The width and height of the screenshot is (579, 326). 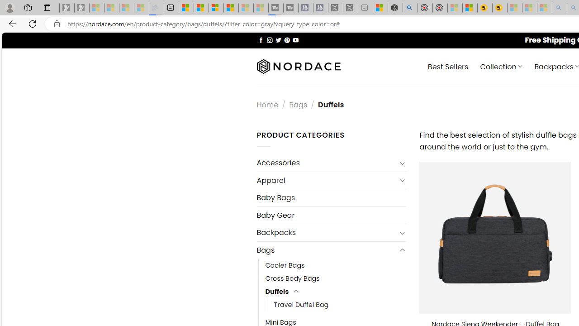 I want to click on 'Follow on Facebook', so click(x=261, y=39).